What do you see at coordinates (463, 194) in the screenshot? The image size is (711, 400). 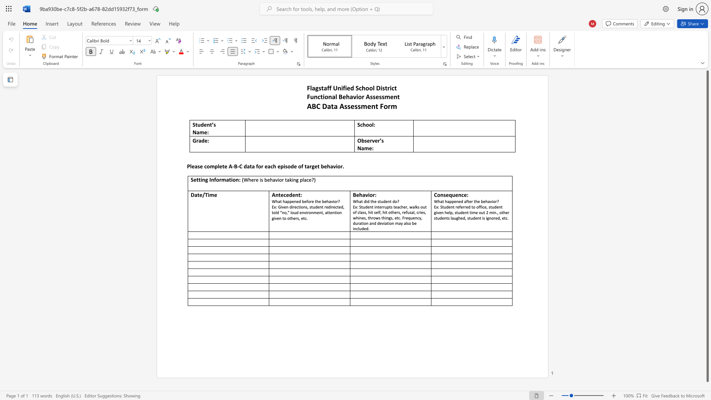 I see `the subset text "e:" within the text "Consequence:"` at bounding box center [463, 194].